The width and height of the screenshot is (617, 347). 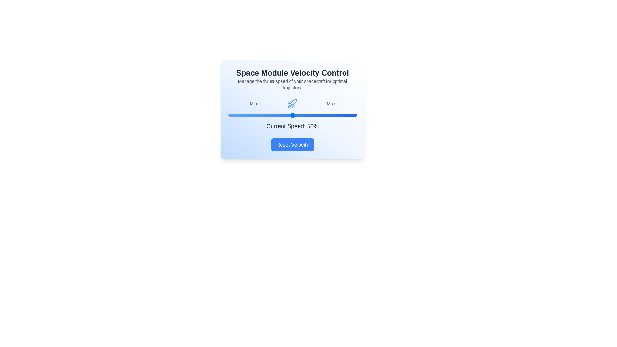 I want to click on the speed slider to set the speed to 99%, so click(x=355, y=115).